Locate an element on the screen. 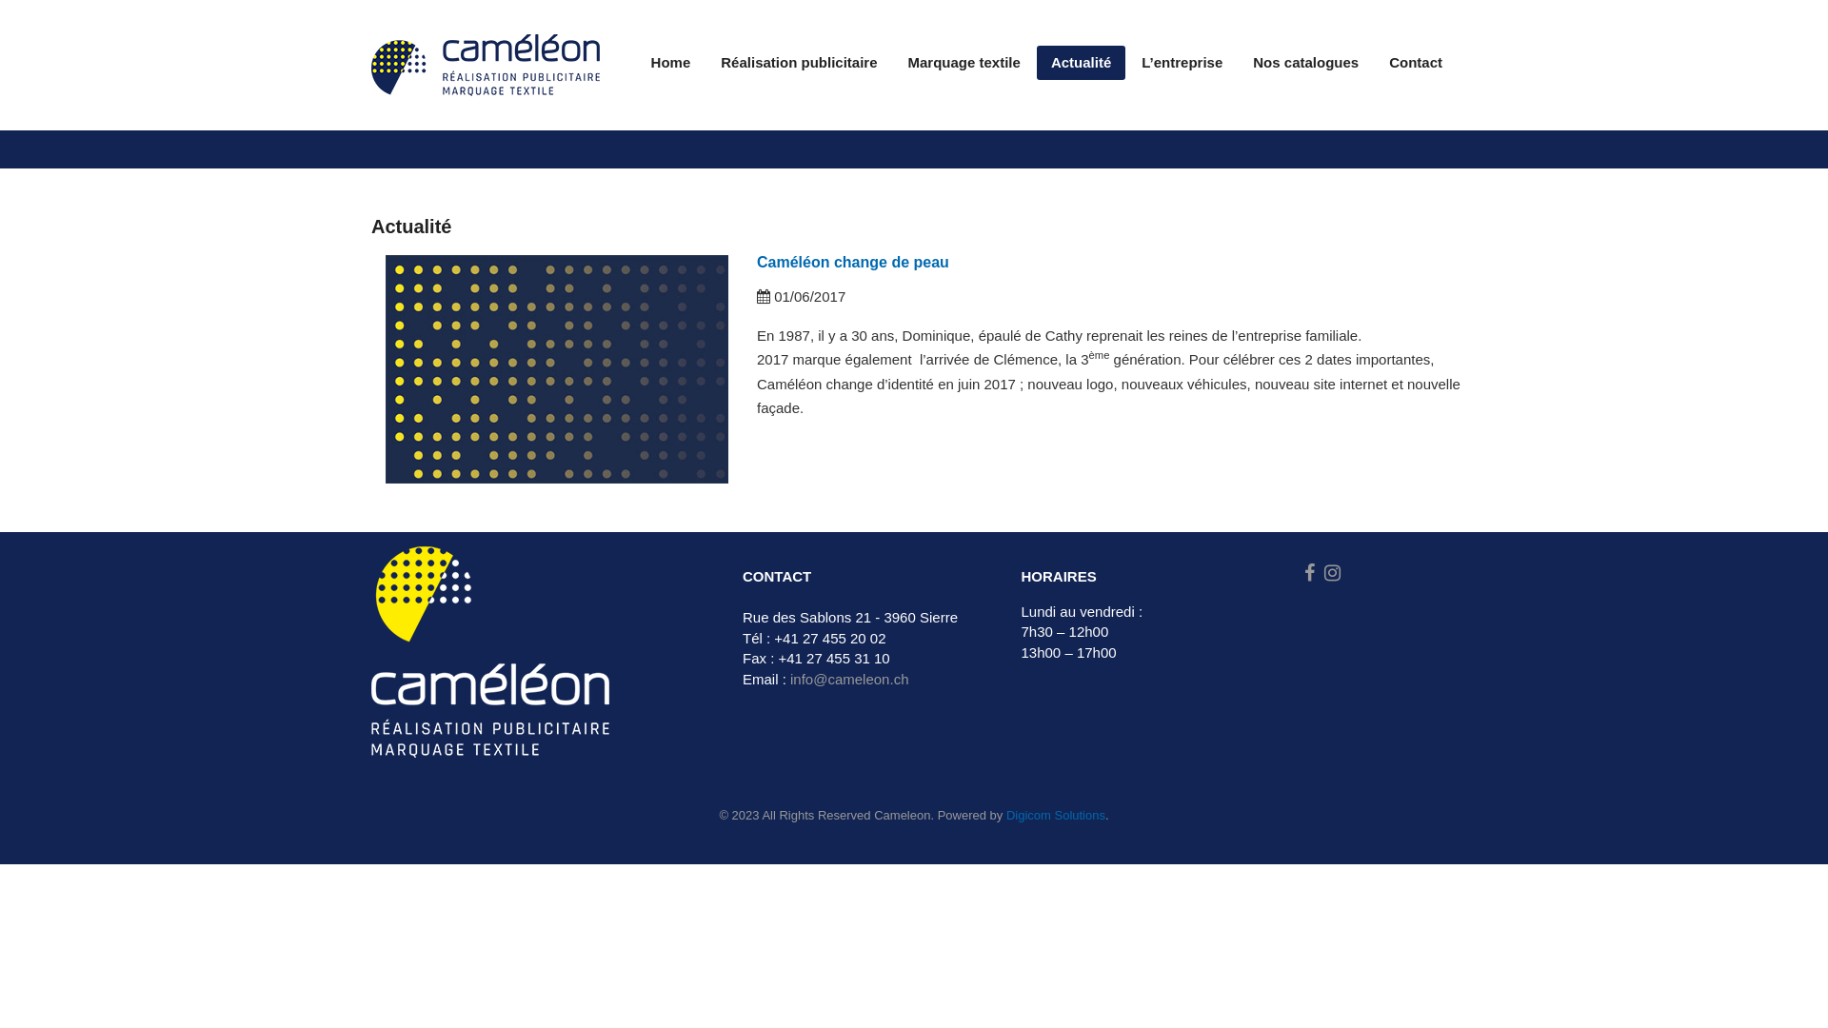 This screenshot has height=1028, width=1828. 'Facebook' is located at coordinates (1308, 572).